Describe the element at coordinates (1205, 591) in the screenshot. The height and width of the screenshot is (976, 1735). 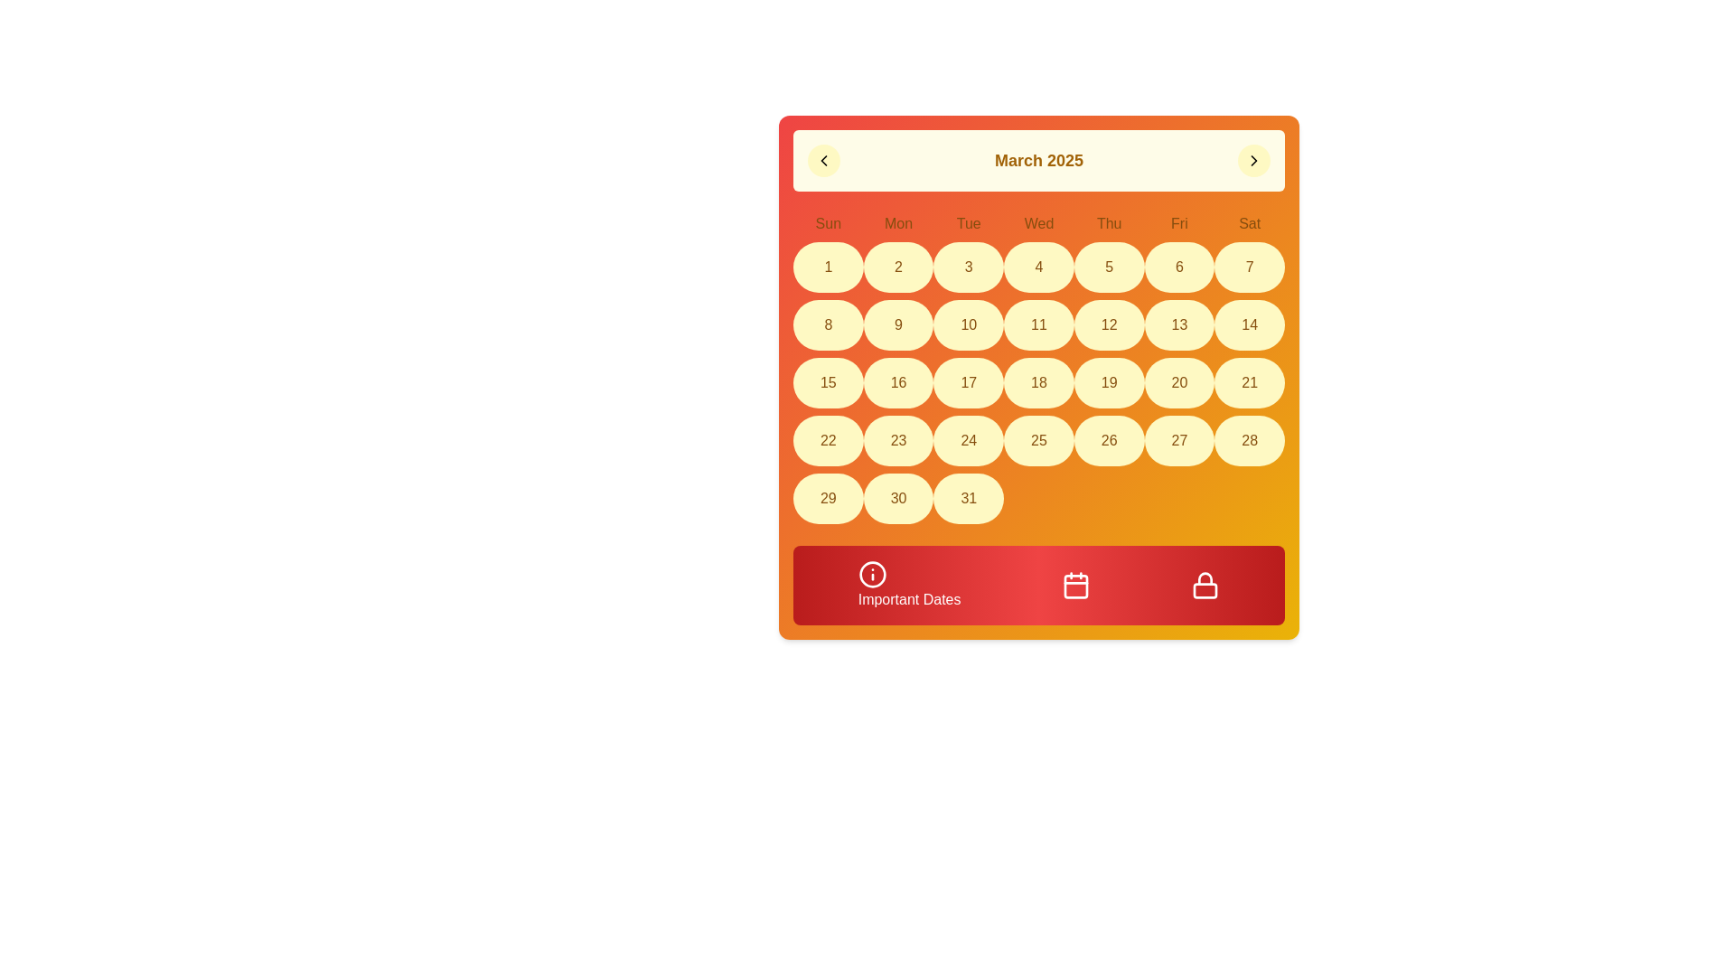
I see `the rectangular icon component that is part of the lock illustration located in the bottom-right corner of the interface` at that location.